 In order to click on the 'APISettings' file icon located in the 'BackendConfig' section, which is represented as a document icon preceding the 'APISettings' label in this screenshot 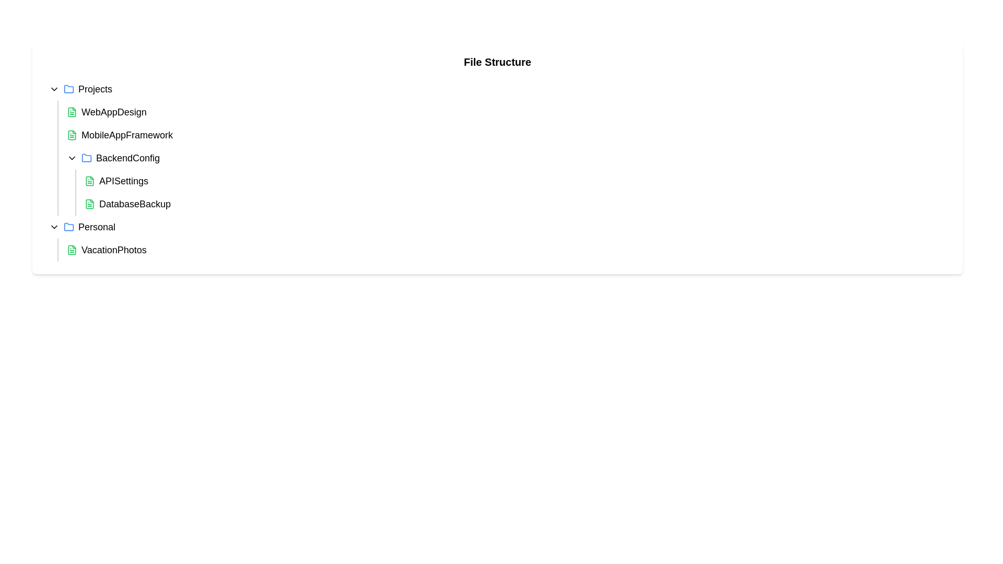, I will do `click(90, 181)`.